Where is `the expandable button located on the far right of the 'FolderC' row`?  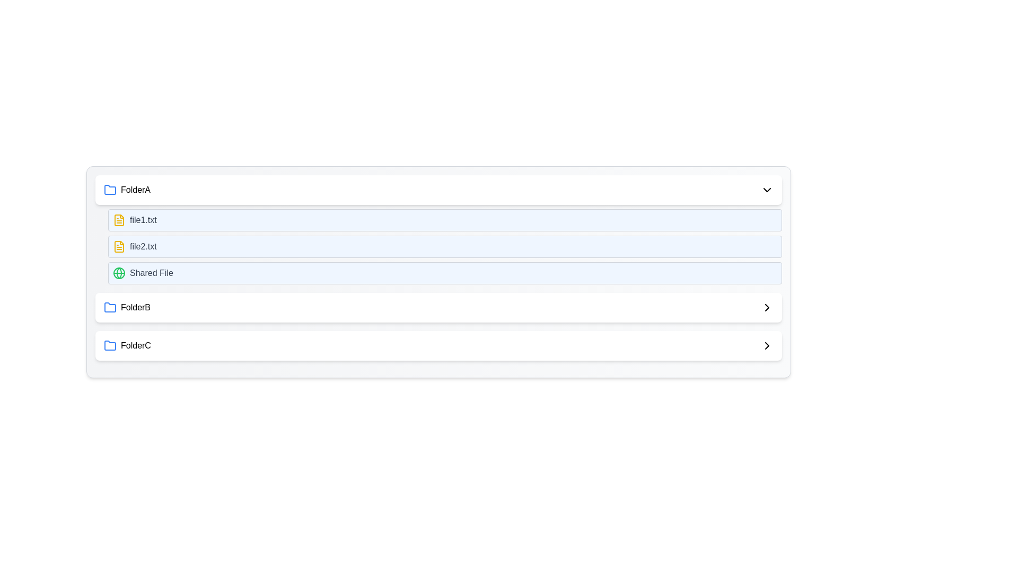 the expandable button located on the far right of the 'FolderC' row is located at coordinates (767, 345).